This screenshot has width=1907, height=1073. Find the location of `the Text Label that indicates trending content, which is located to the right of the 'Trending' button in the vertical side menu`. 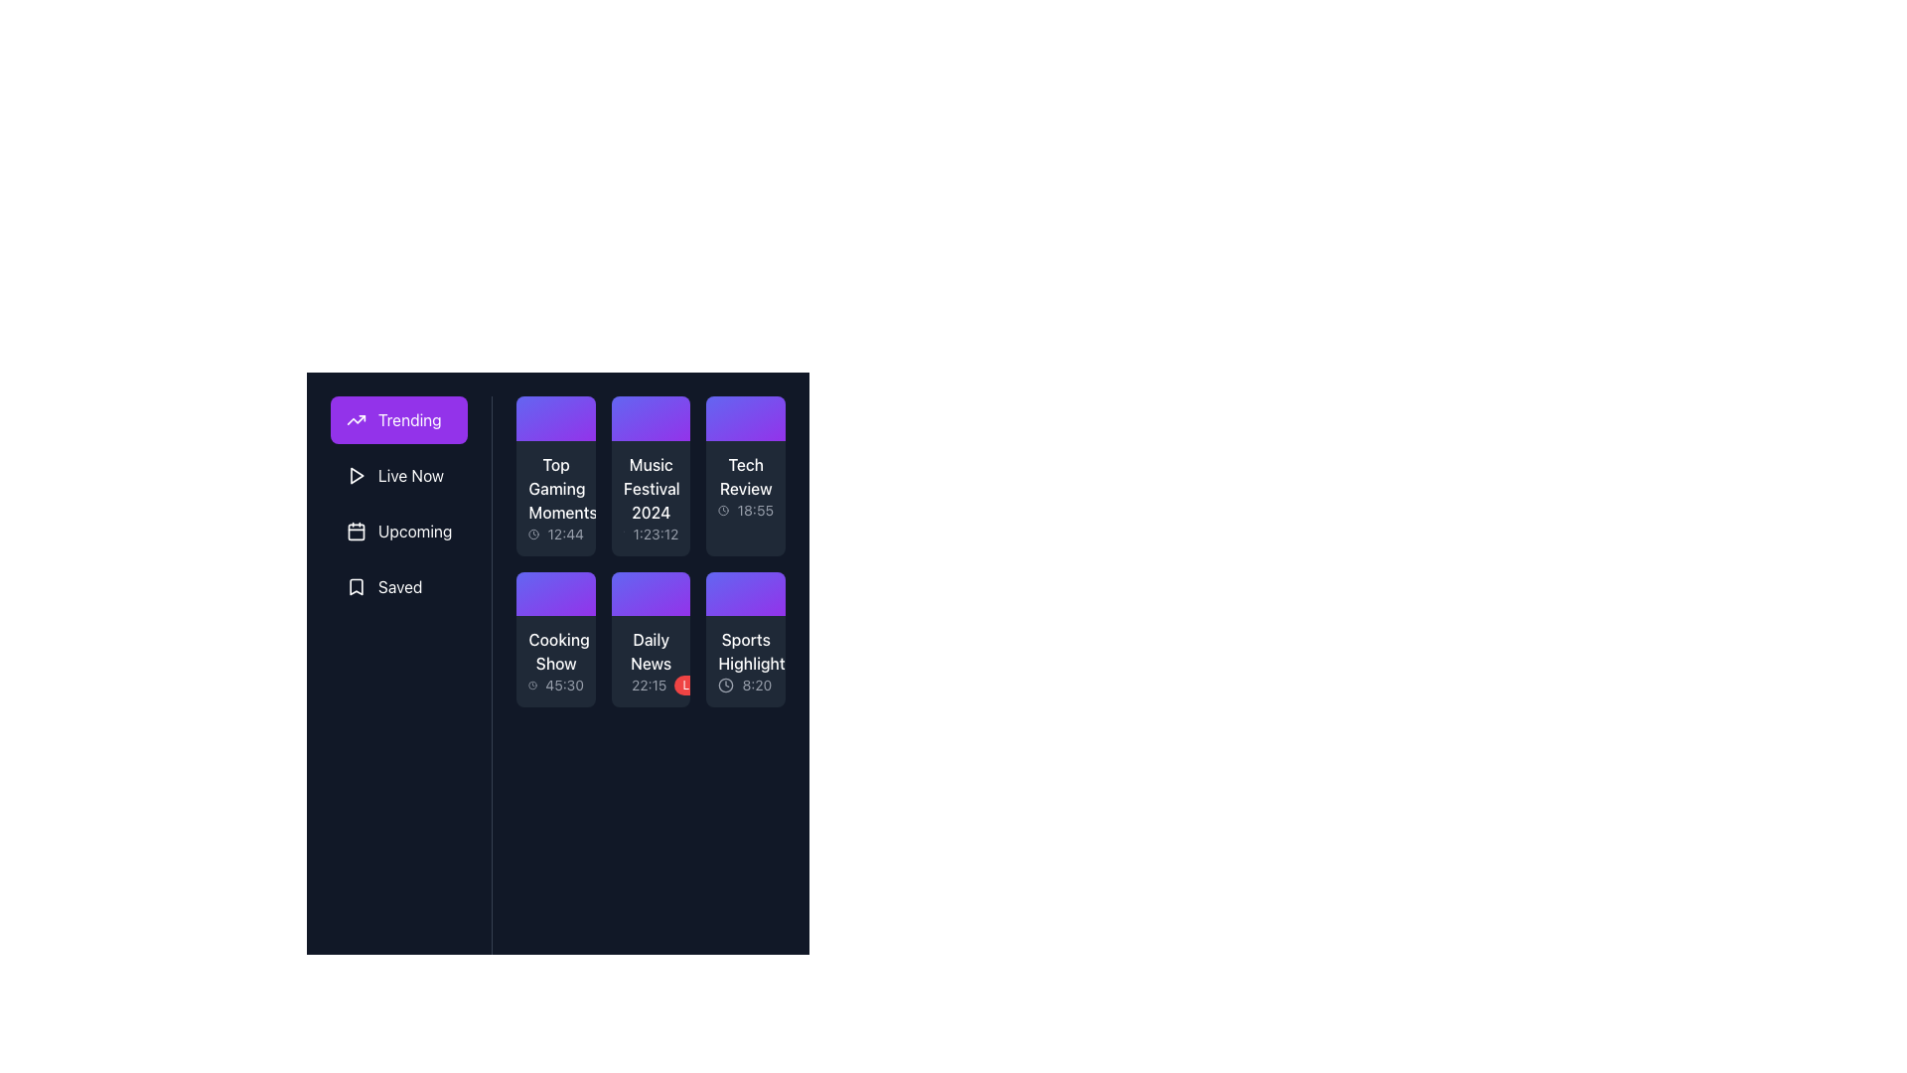

the Text Label that indicates trending content, which is located to the right of the 'Trending' button in the vertical side menu is located at coordinates (408, 419).